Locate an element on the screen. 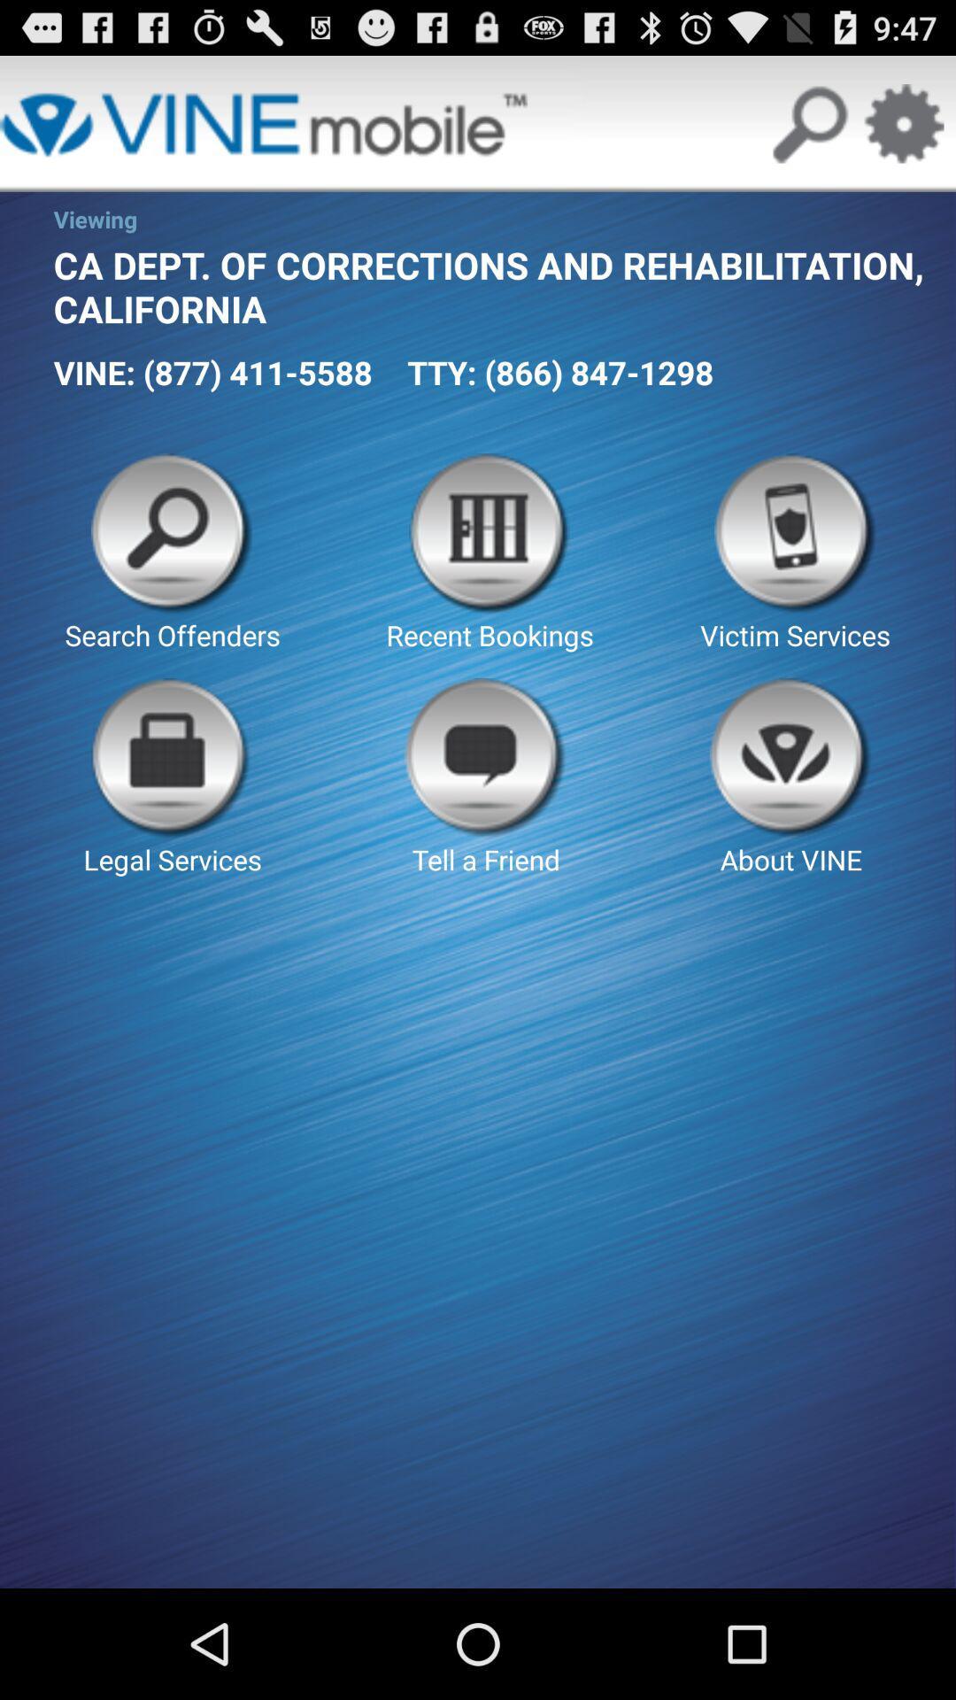  item below the recent bookings icon is located at coordinates (790, 777).